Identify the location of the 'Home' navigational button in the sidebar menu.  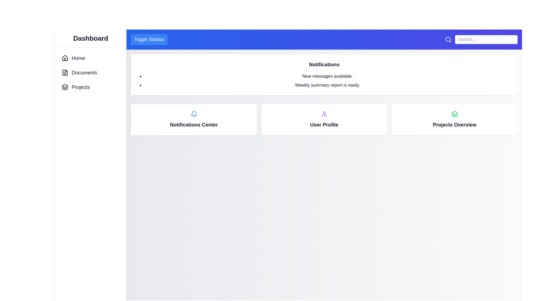
(73, 58).